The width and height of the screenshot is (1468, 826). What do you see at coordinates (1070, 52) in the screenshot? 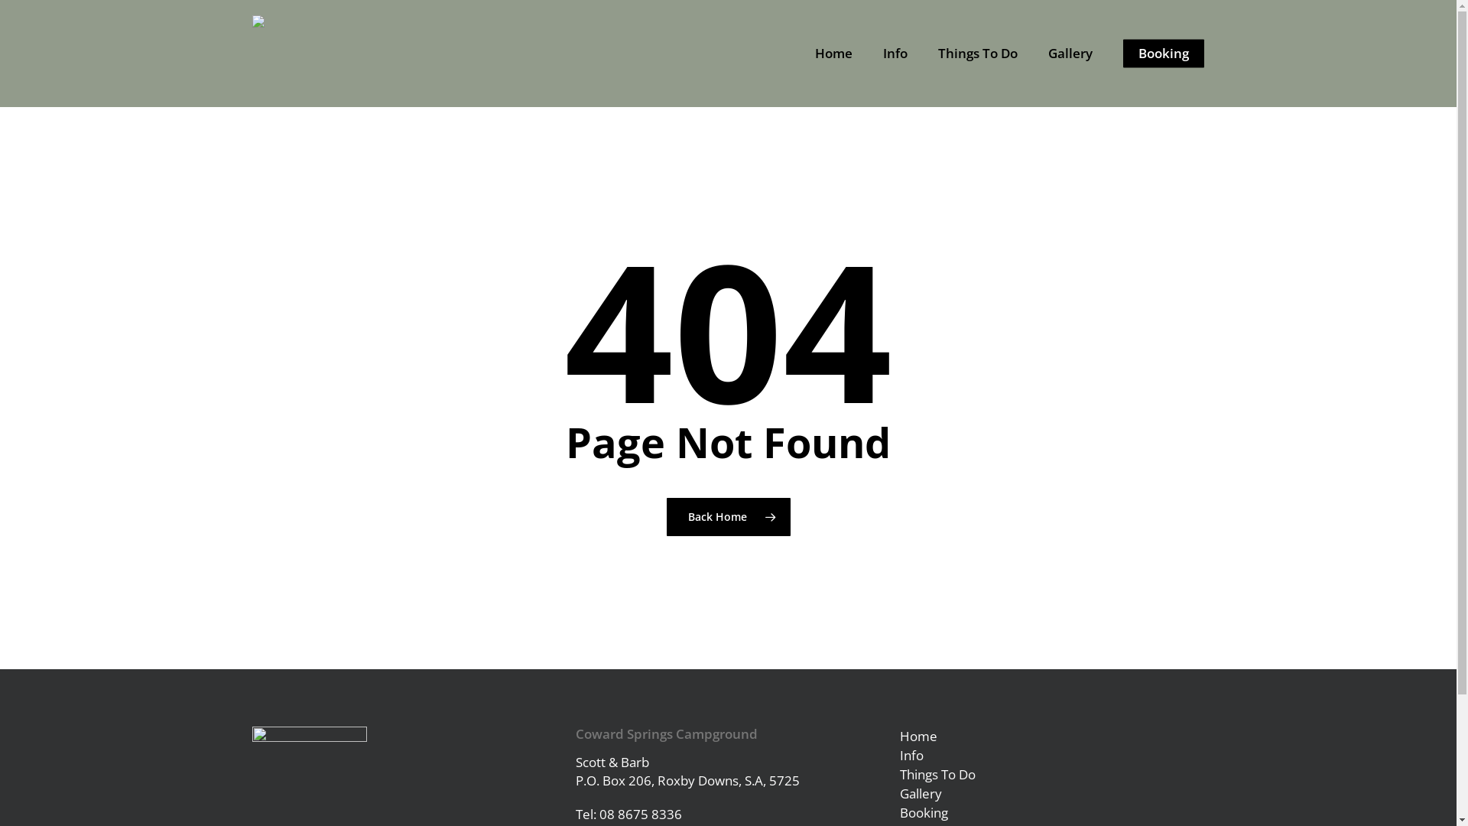
I see `'Gallery'` at bounding box center [1070, 52].